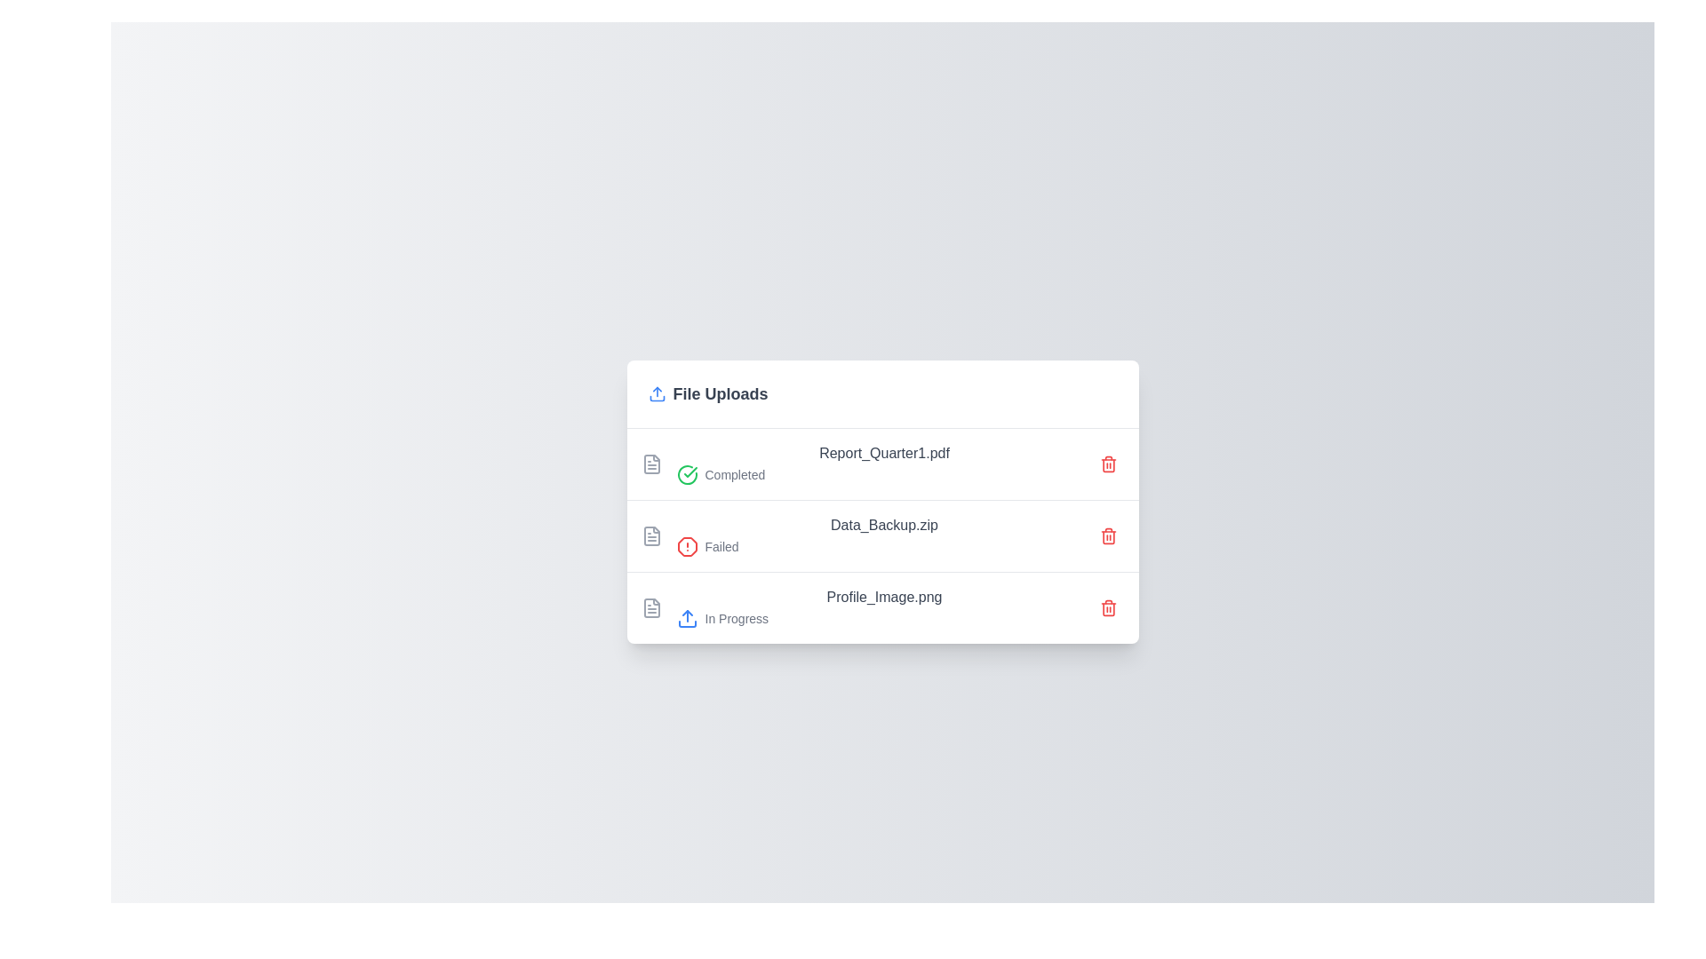 Image resolution: width=1706 pixels, height=959 pixels. What do you see at coordinates (650, 535) in the screenshot?
I see `the gray document icon that represents a failed file upload in the second row of the upload table, located before 'Data_Backup.zip'` at bounding box center [650, 535].